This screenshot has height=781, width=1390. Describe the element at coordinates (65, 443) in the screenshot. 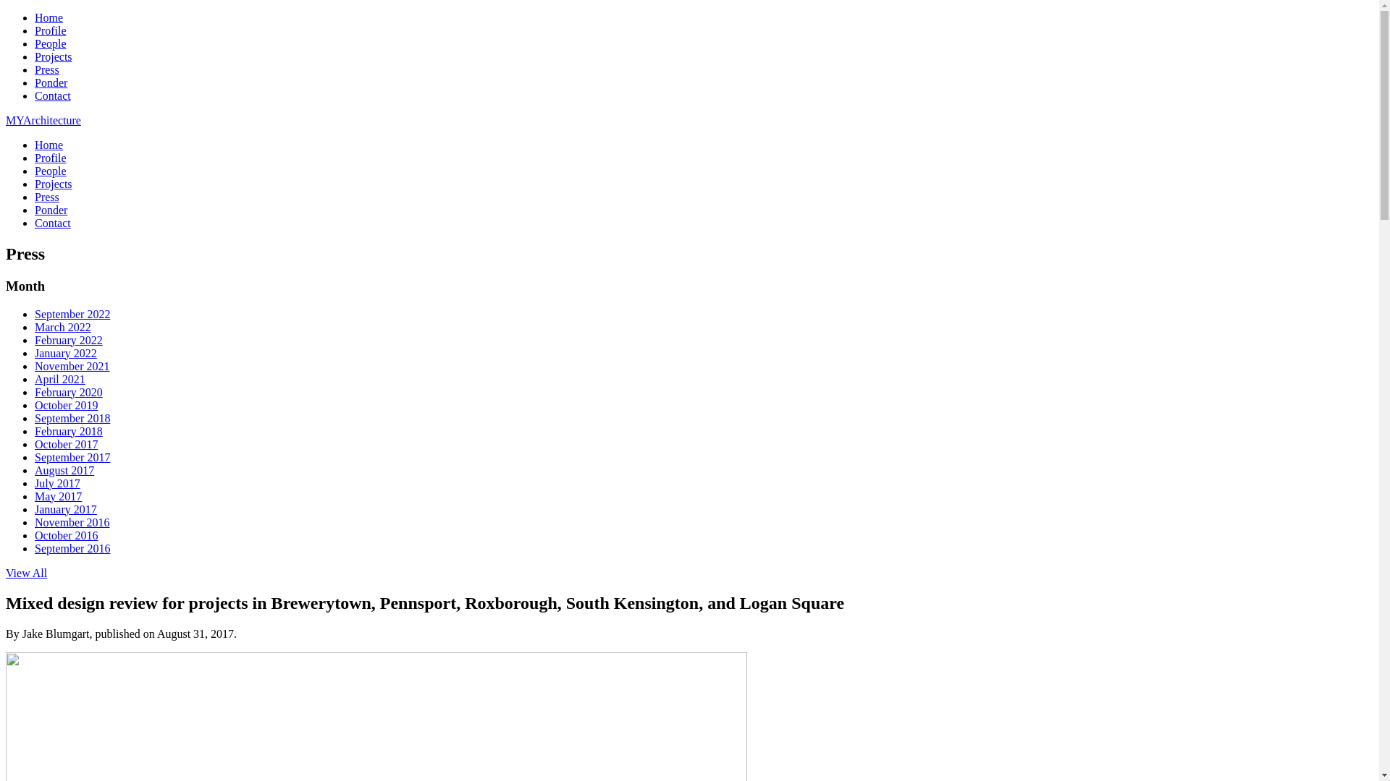

I see `'October 2017'` at that location.